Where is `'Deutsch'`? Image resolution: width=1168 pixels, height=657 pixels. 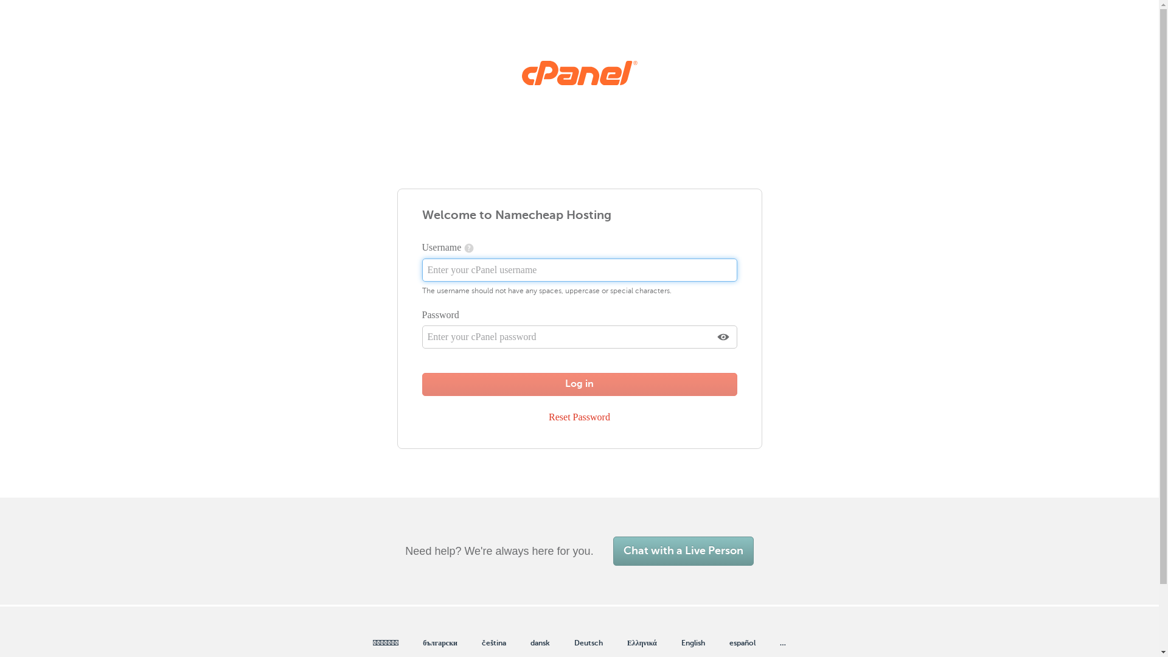
'Deutsch' is located at coordinates (588, 642).